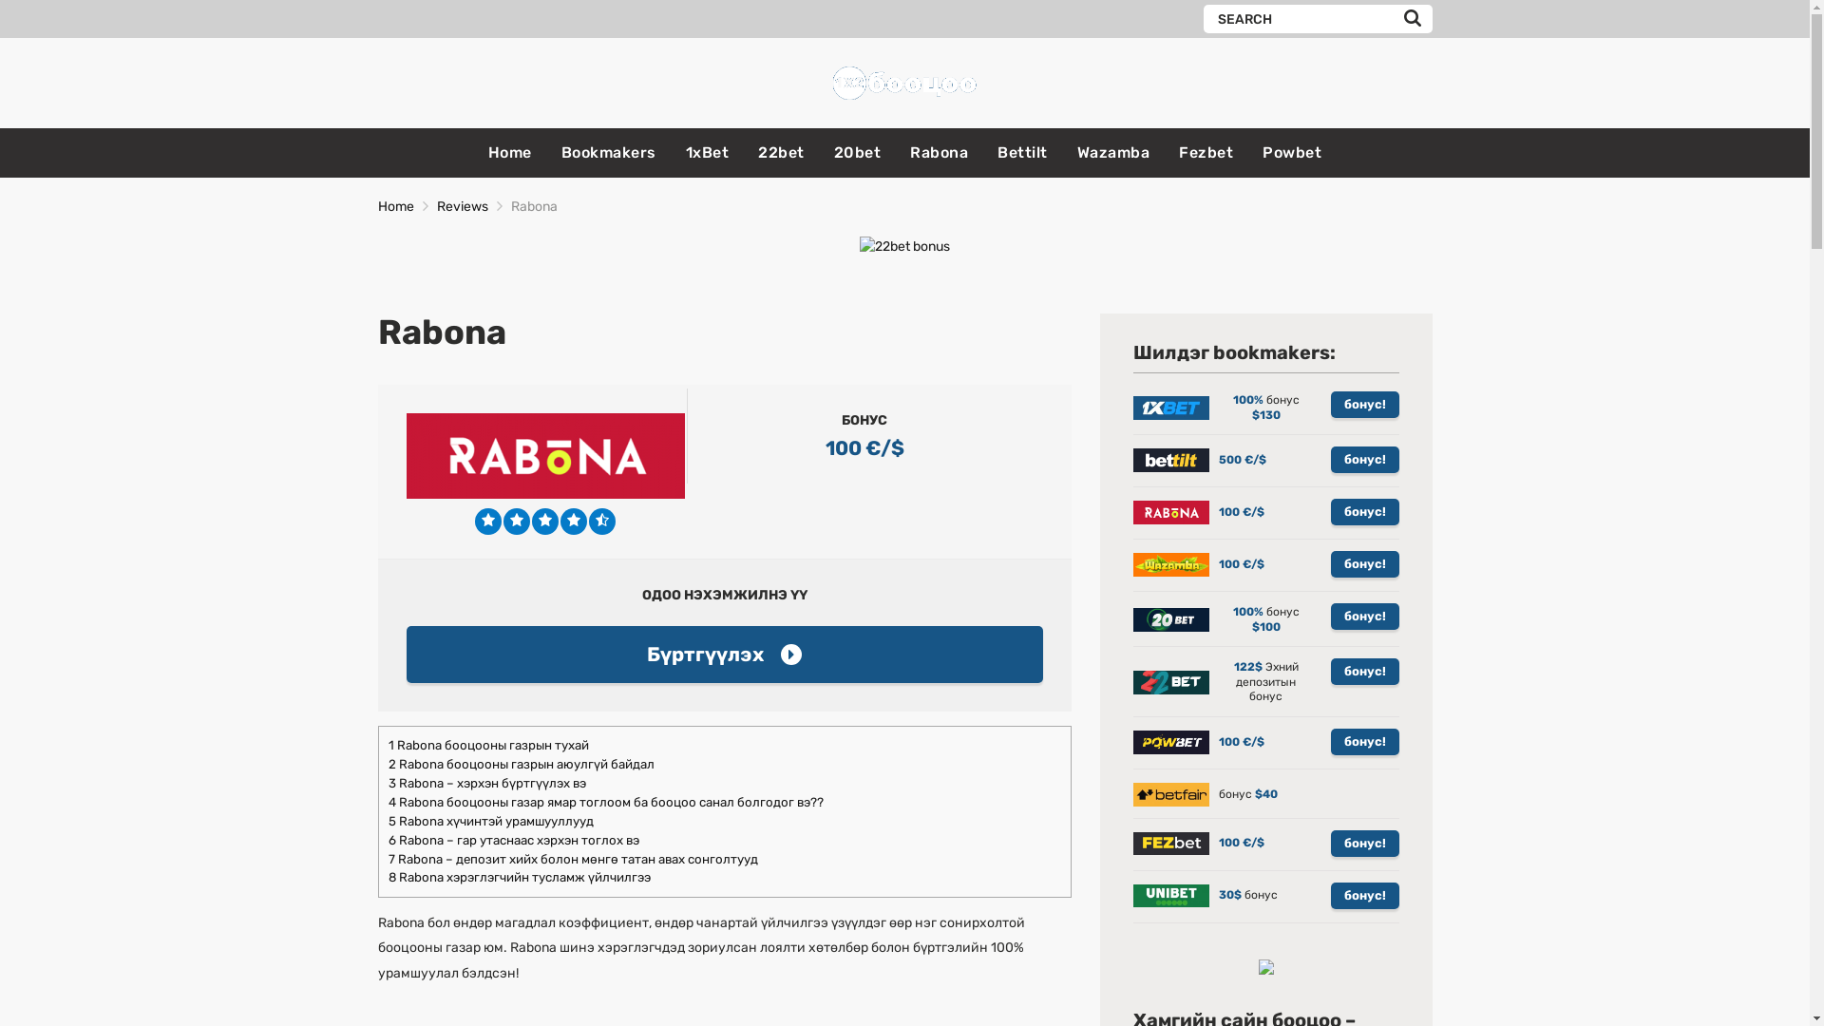  I want to click on 'Powbet', so click(1291, 152).